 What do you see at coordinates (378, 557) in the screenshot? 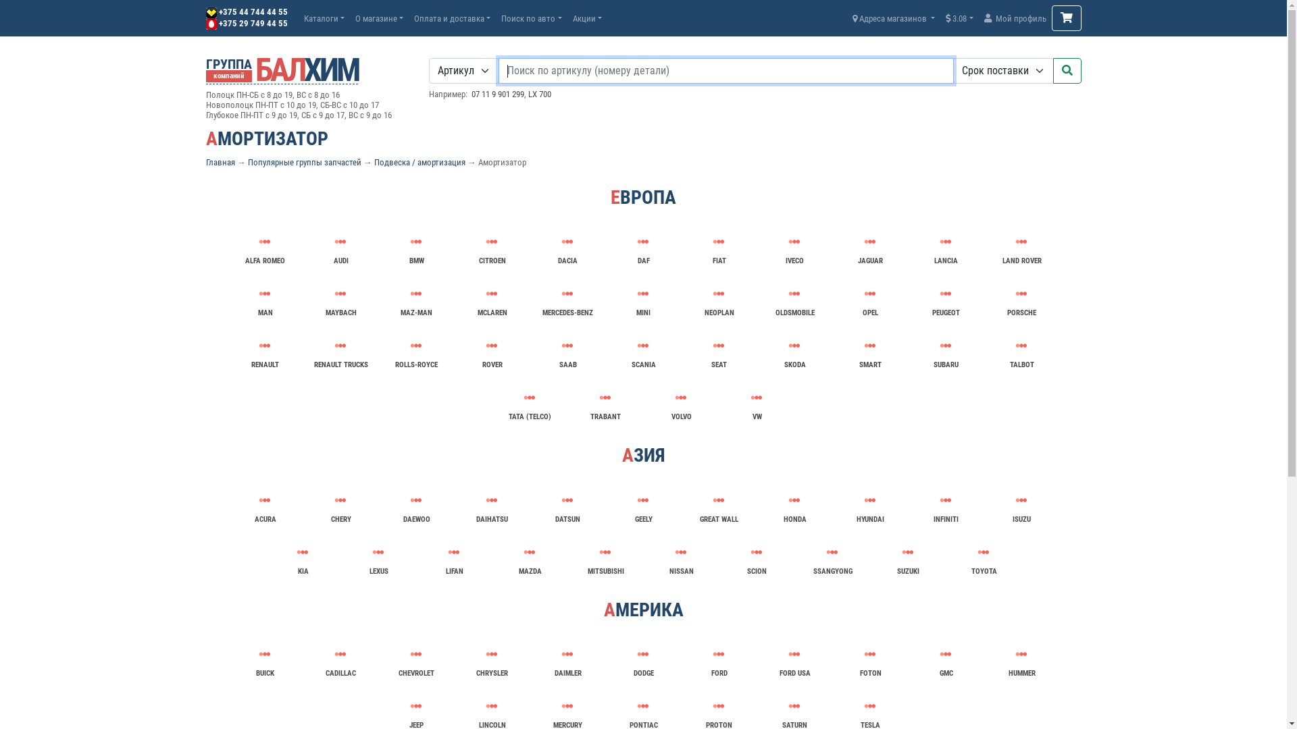
I see `'LEXUS'` at bounding box center [378, 557].